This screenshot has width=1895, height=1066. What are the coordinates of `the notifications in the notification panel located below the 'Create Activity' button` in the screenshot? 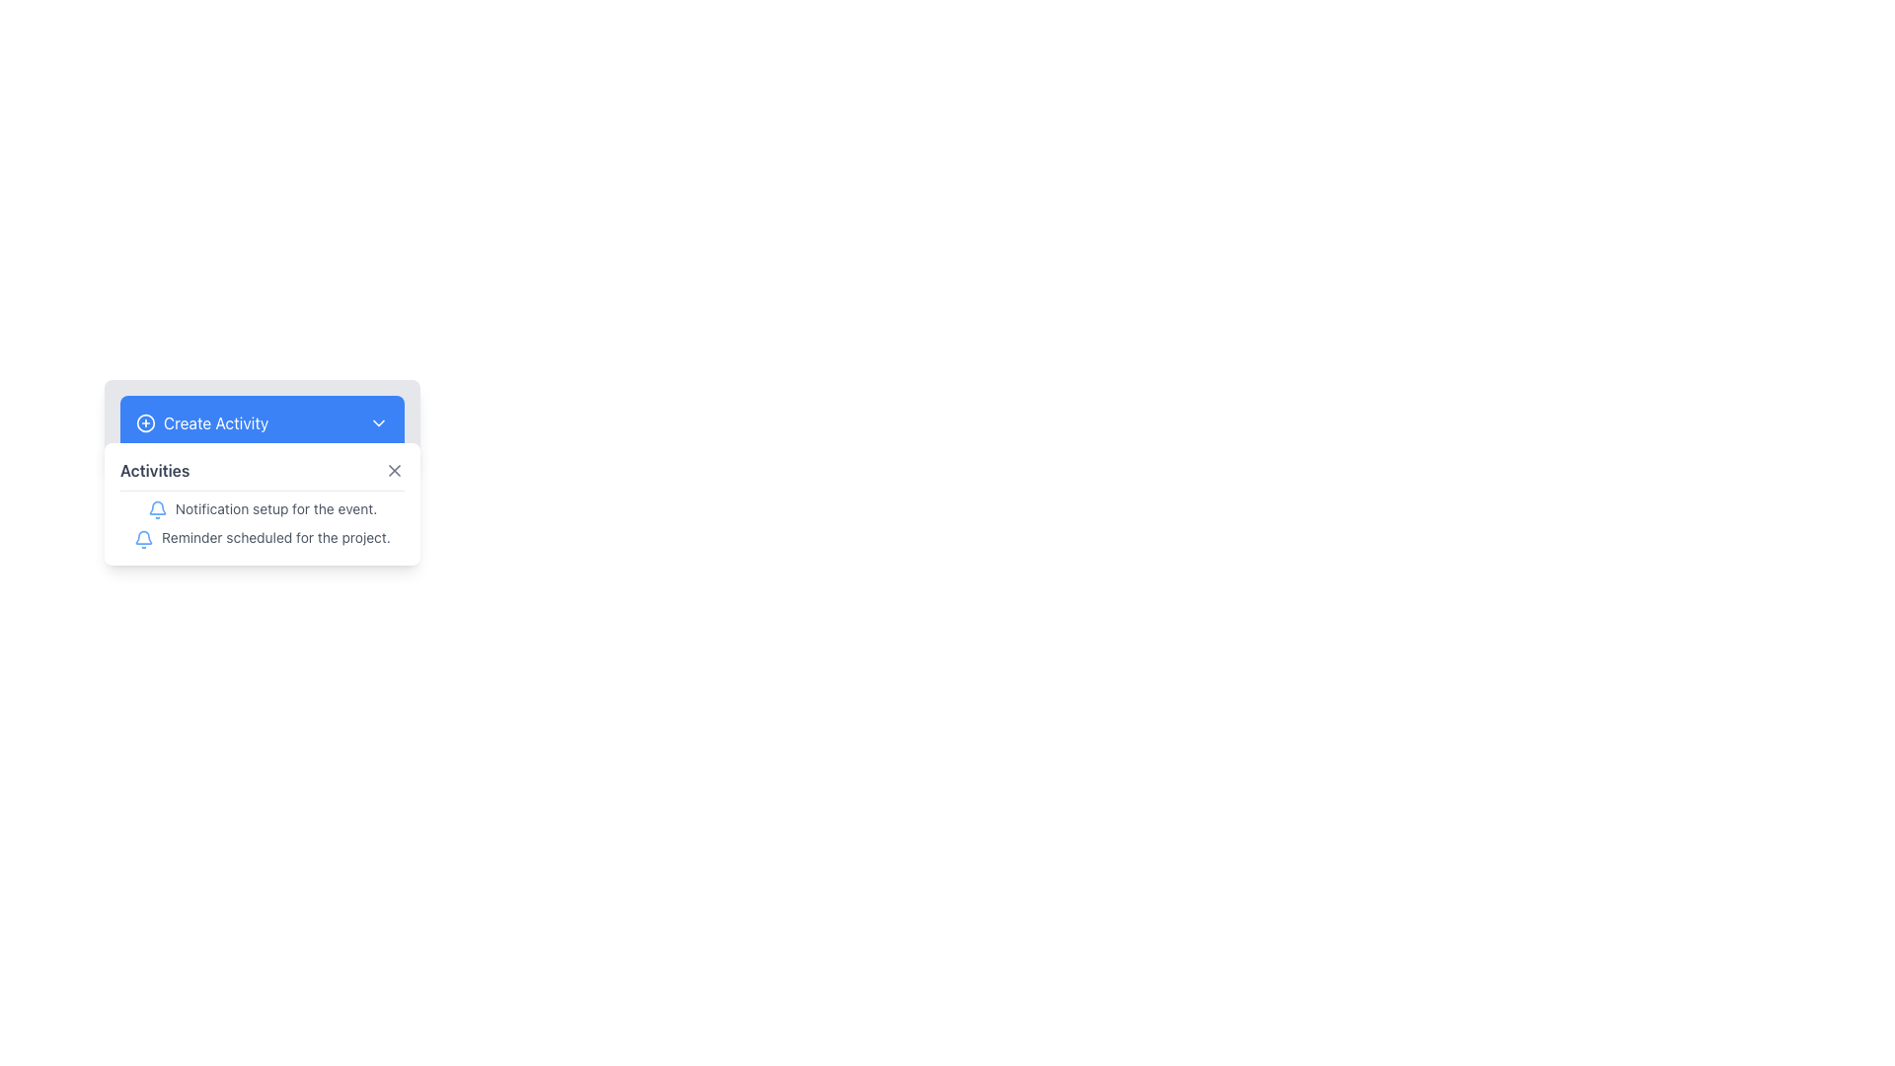 It's located at (261, 501).